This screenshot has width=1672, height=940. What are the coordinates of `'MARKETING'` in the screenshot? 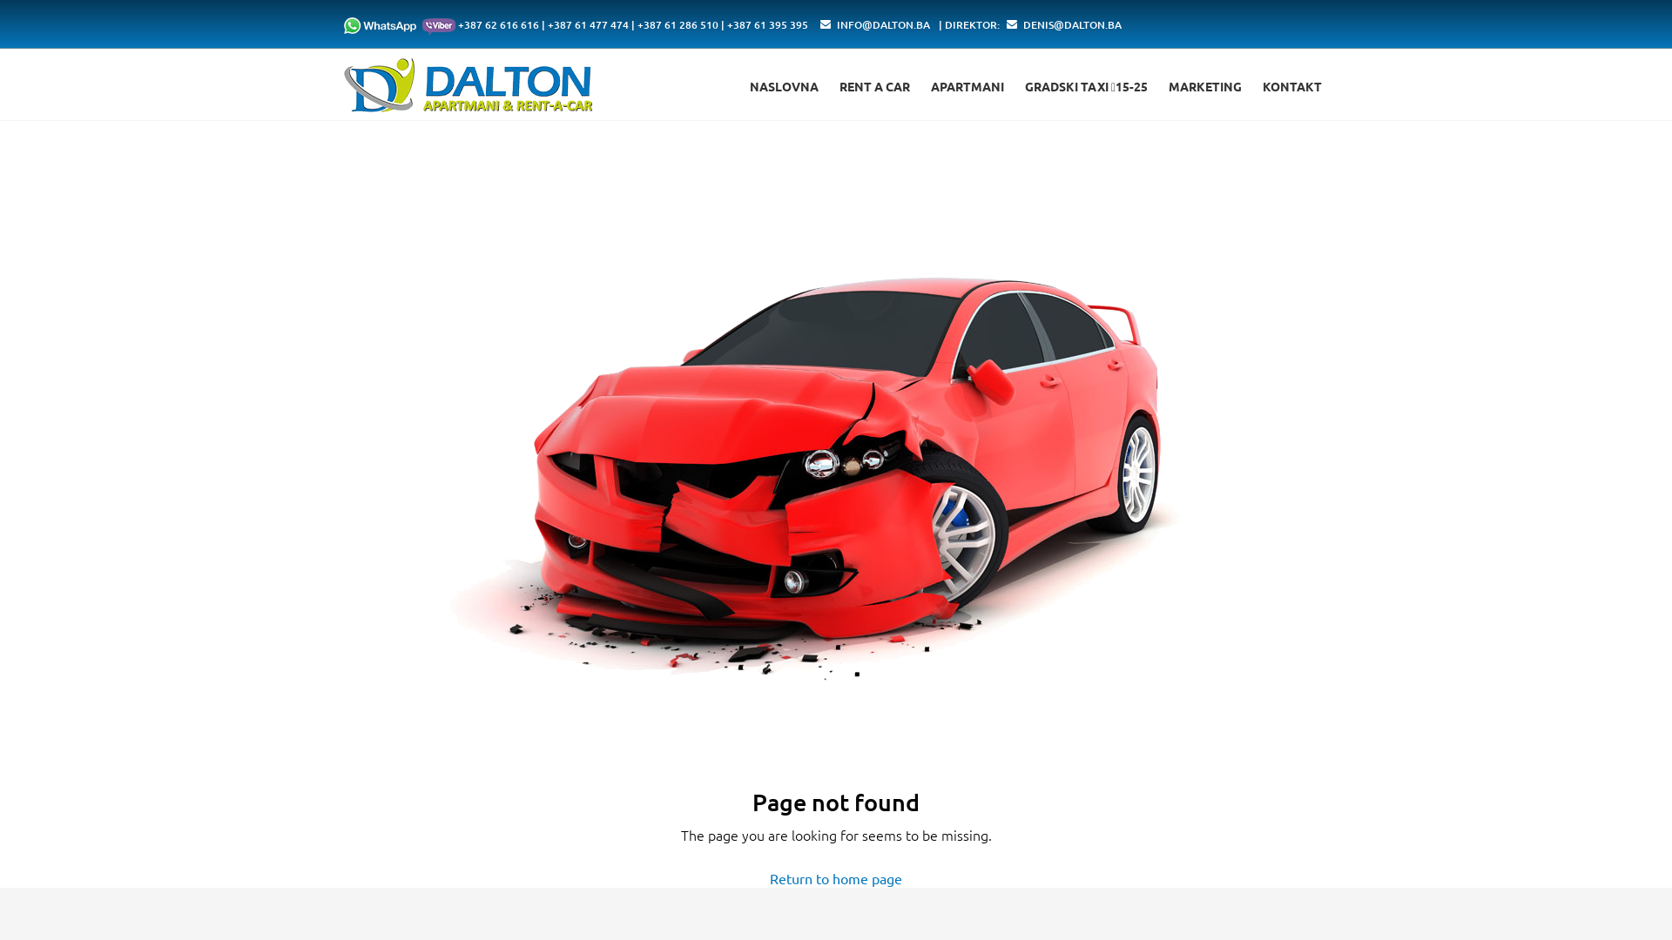 It's located at (1203, 86).